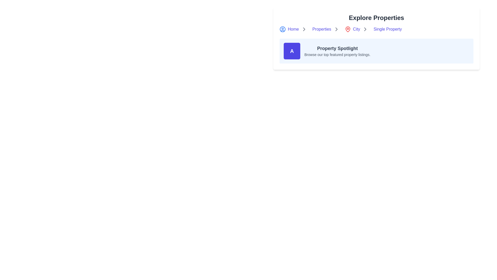 The height and width of the screenshot is (280, 497). I want to click on the 'Properties' link in the breadcrumb navigation bar, so click(321, 29).